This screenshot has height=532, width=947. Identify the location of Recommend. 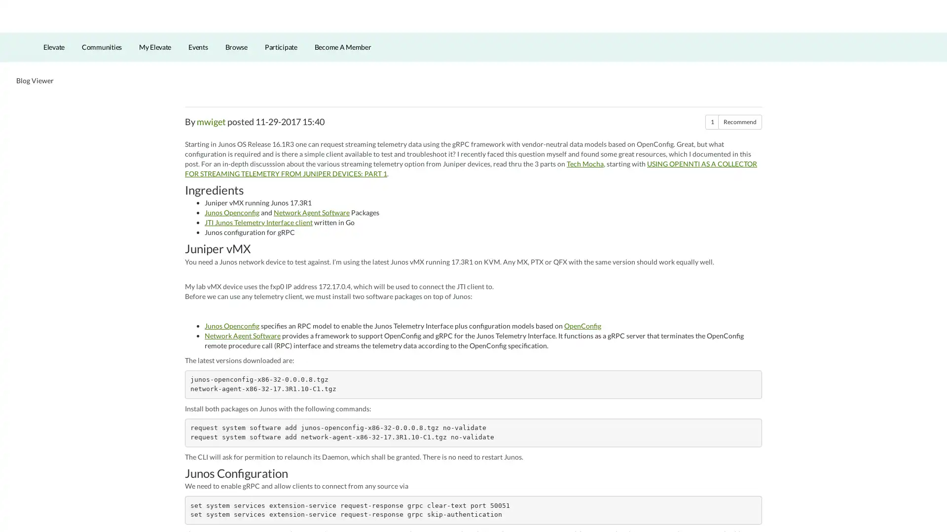
(740, 138).